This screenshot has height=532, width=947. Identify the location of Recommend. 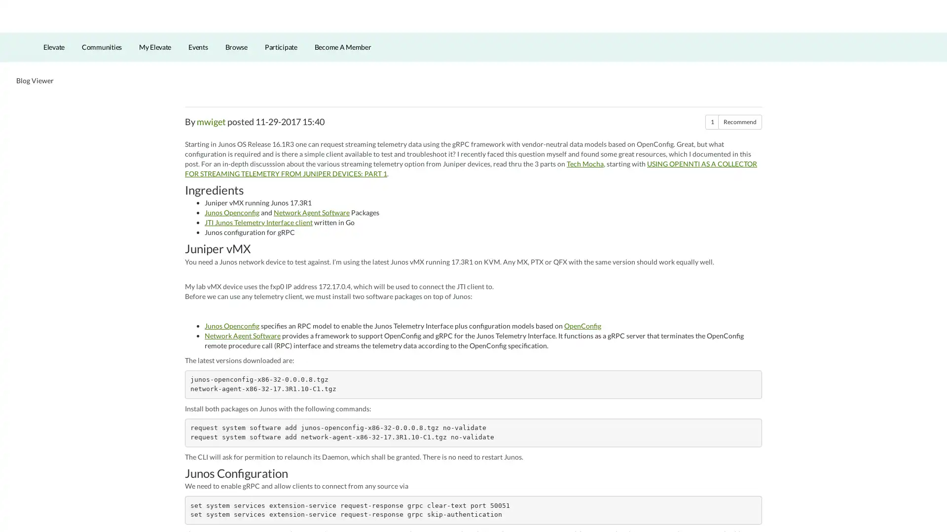
(740, 138).